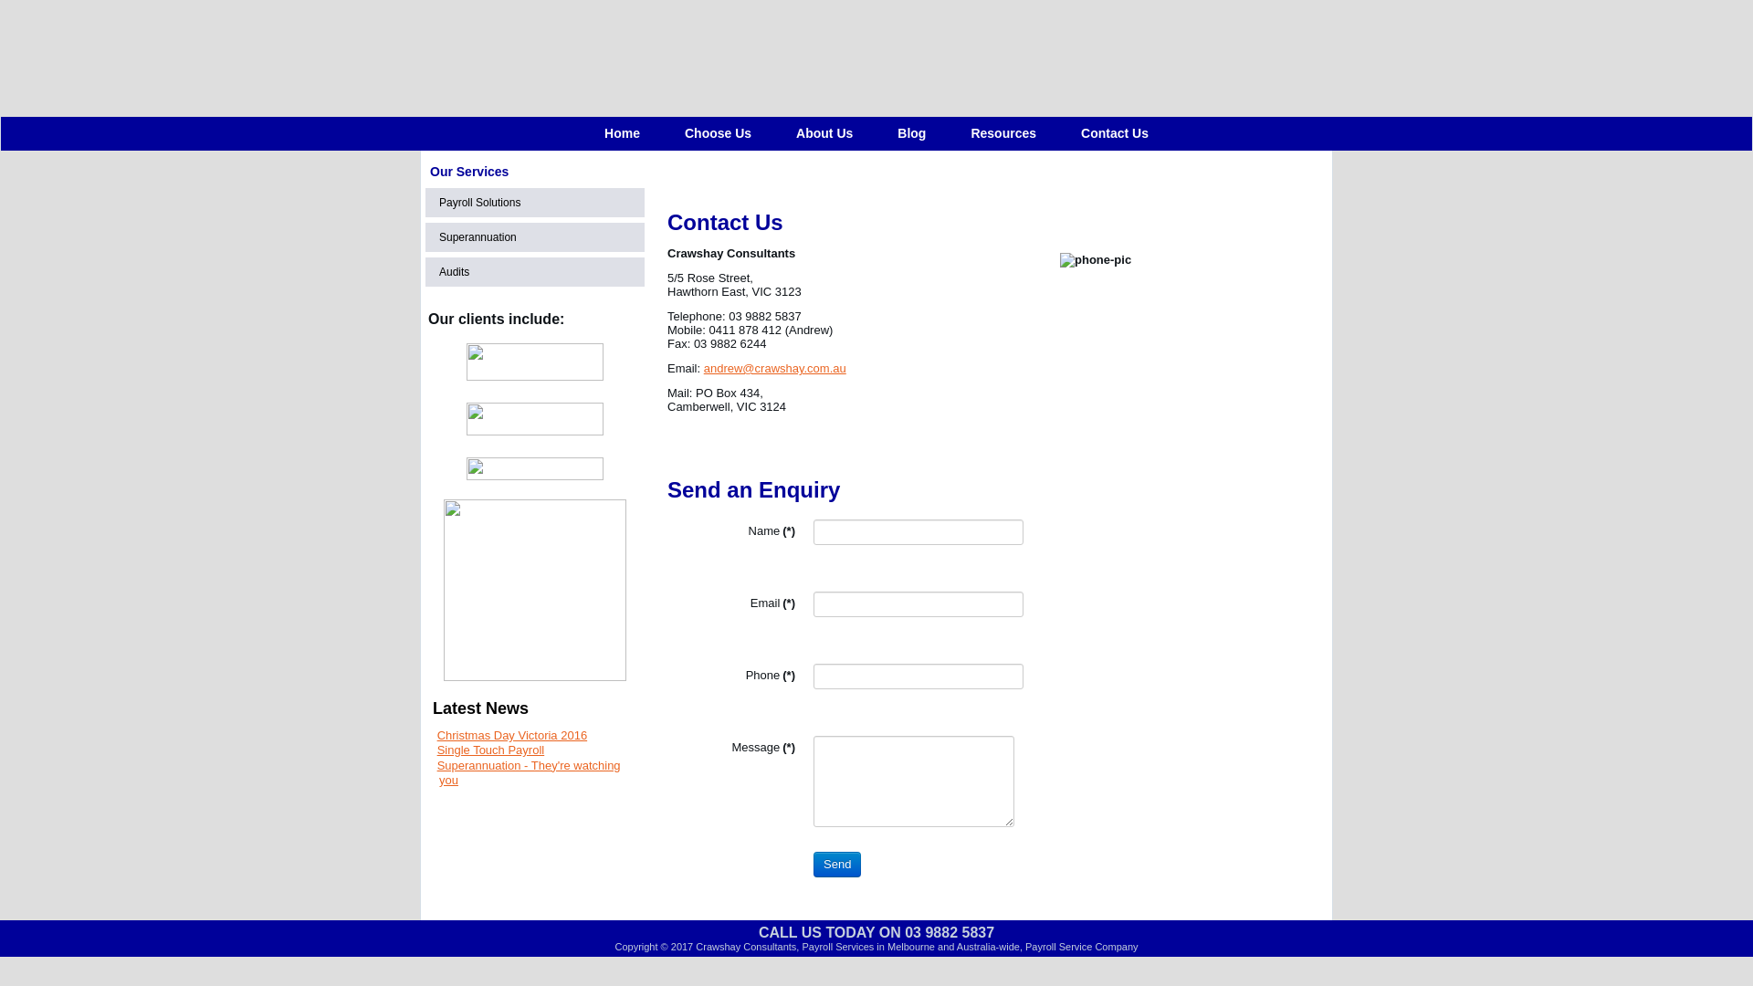 The width and height of the screenshot is (1753, 986). Describe the element at coordinates (823, 132) in the screenshot. I see `'About Us'` at that location.